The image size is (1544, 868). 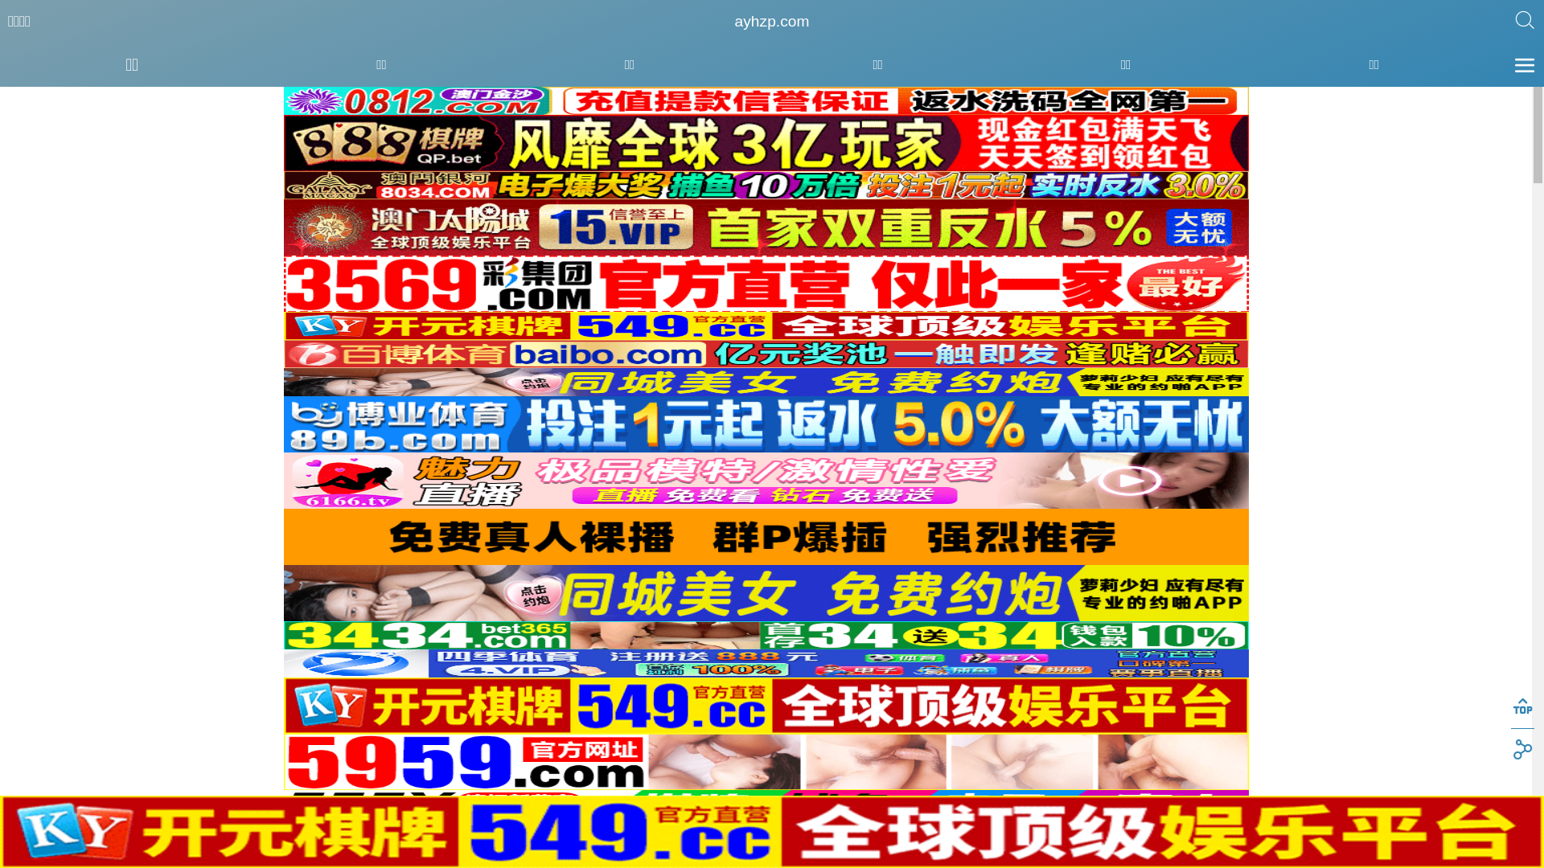 I want to click on 'ayhzp.com', so click(x=772, y=22).